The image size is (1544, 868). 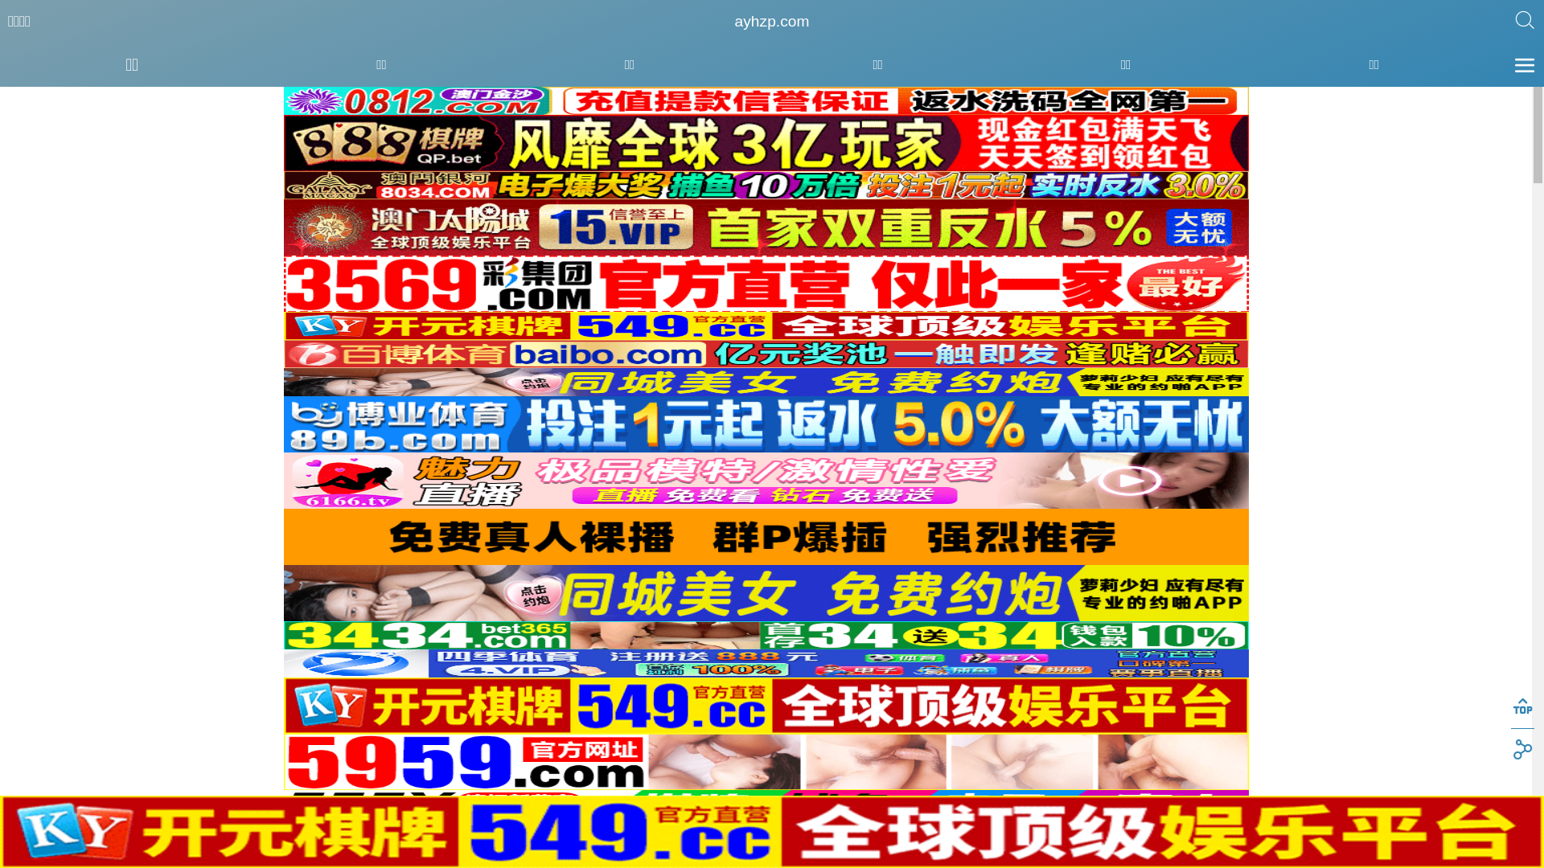 I want to click on 'ayhzp.com', so click(x=772, y=22).